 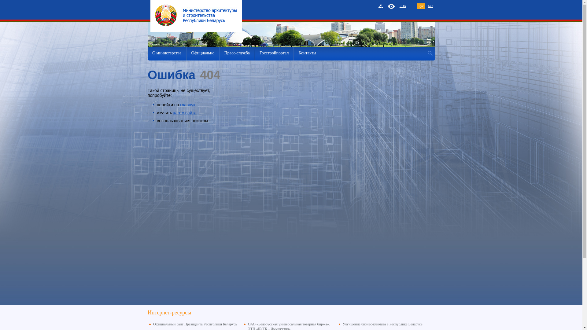 What do you see at coordinates (403, 6) in the screenshot?
I see `'PDA'` at bounding box center [403, 6].